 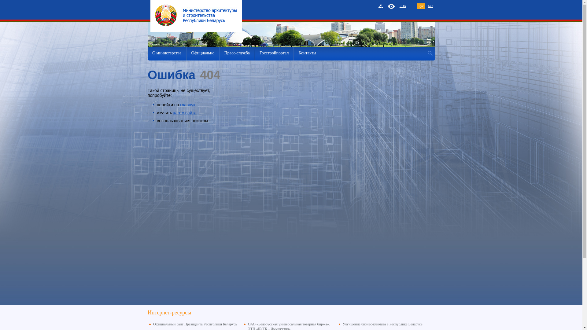 What do you see at coordinates (403, 6) in the screenshot?
I see `'PDA'` at bounding box center [403, 6].